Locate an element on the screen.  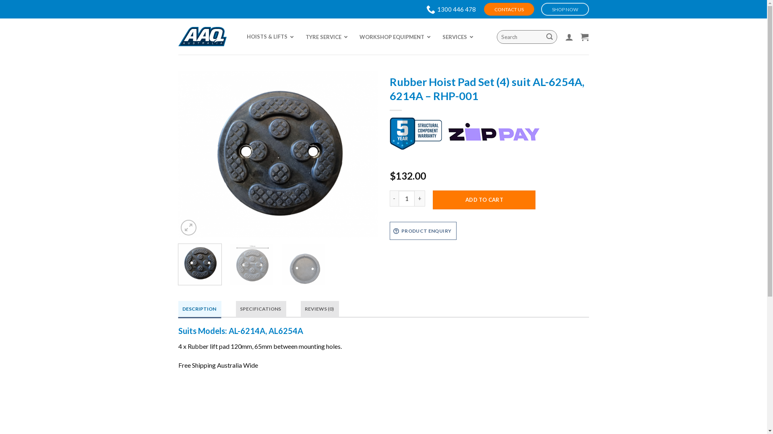
'ADD TO CART' is located at coordinates (484, 199).